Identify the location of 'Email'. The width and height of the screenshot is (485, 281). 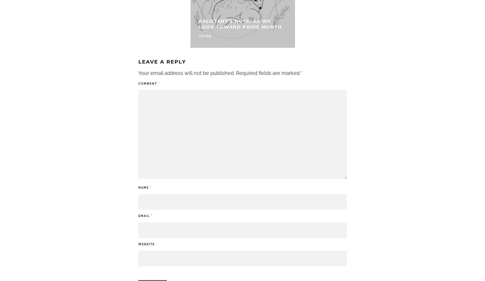
(144, 216).